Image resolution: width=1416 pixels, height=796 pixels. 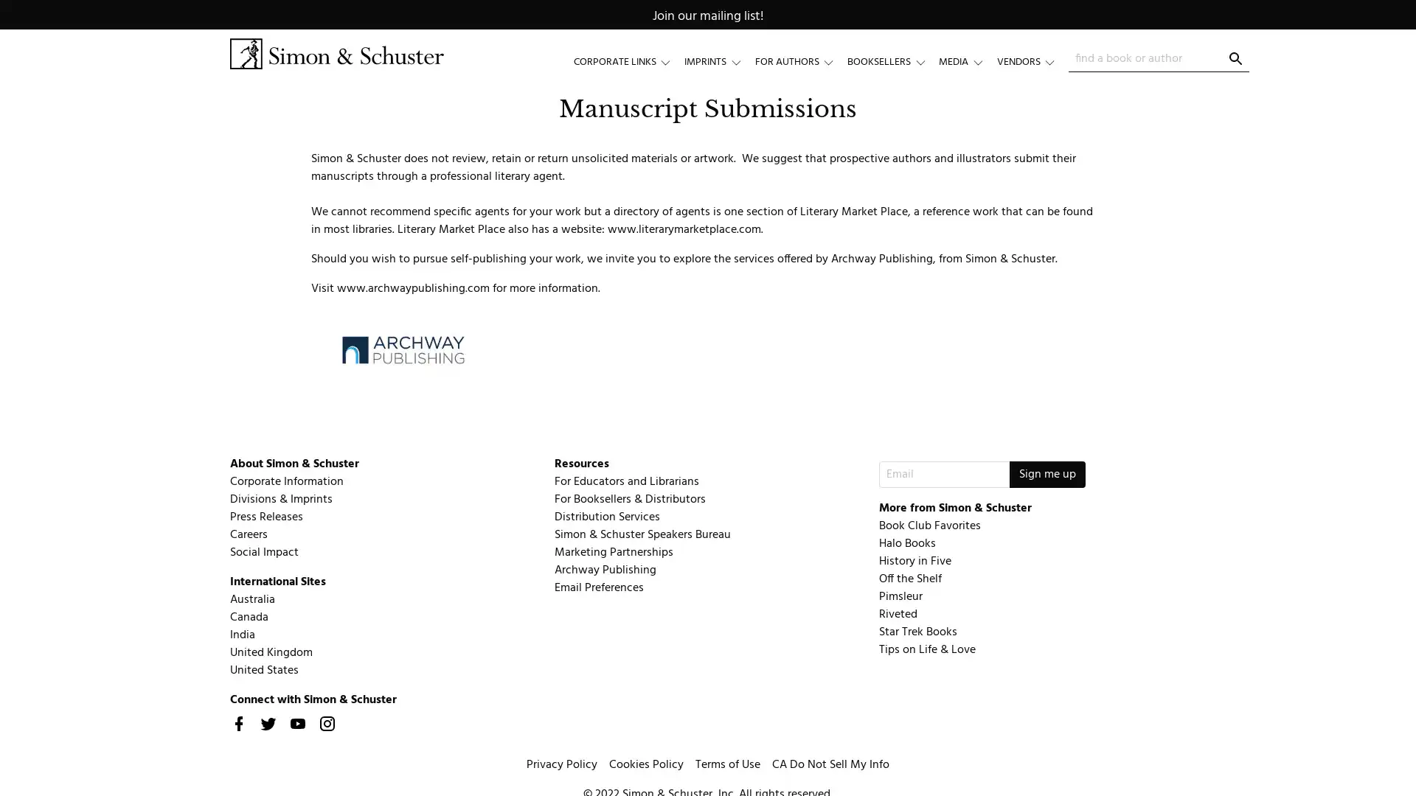 What do you see at coordinates (967, 61) in the screenshot?
I see `MEDIA` at bounding box center [967, 61].